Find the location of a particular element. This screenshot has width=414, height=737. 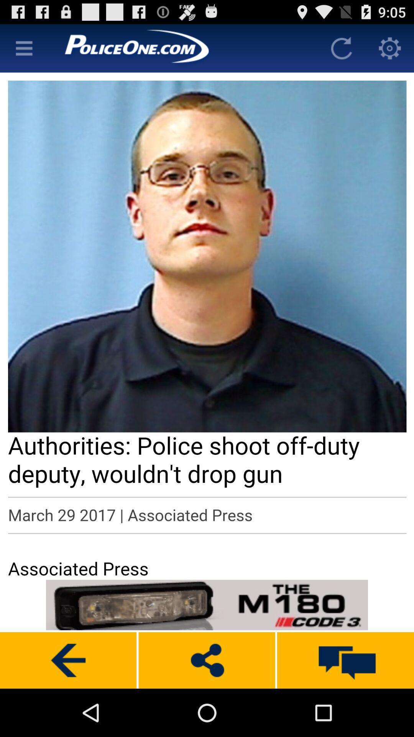

share information is located at coordinates (206, 660).